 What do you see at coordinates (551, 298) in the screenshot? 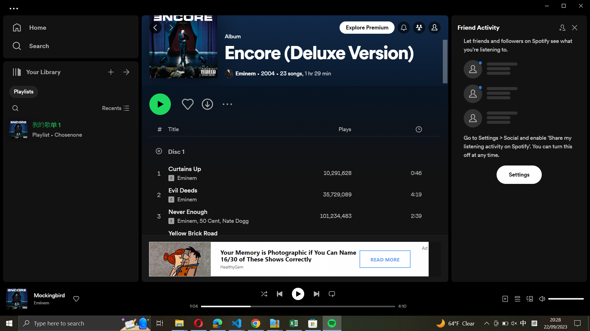
I see `Decrease the sound level` at bounding box center [551, 298].